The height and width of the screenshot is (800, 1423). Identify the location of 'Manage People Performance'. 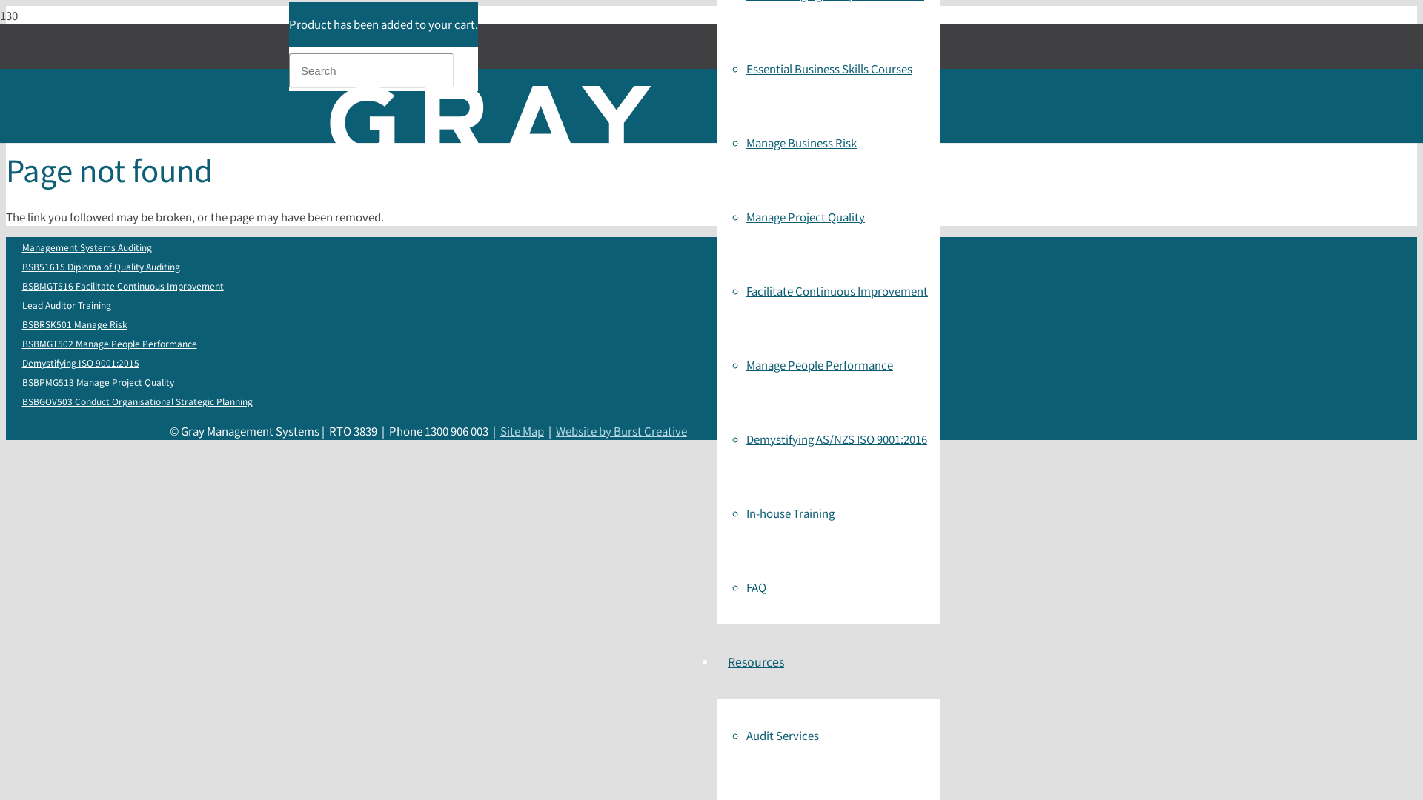
(818, 364).